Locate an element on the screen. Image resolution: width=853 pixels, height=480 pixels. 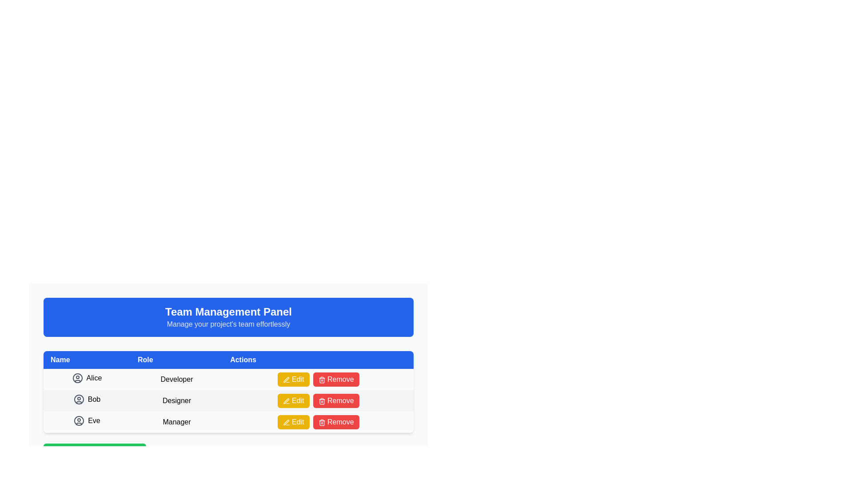
the delete button located in the 'Actions' column of the third row of the table, positioned to the right of the yellow 'Edit' button is located at coordinates (335, 379).